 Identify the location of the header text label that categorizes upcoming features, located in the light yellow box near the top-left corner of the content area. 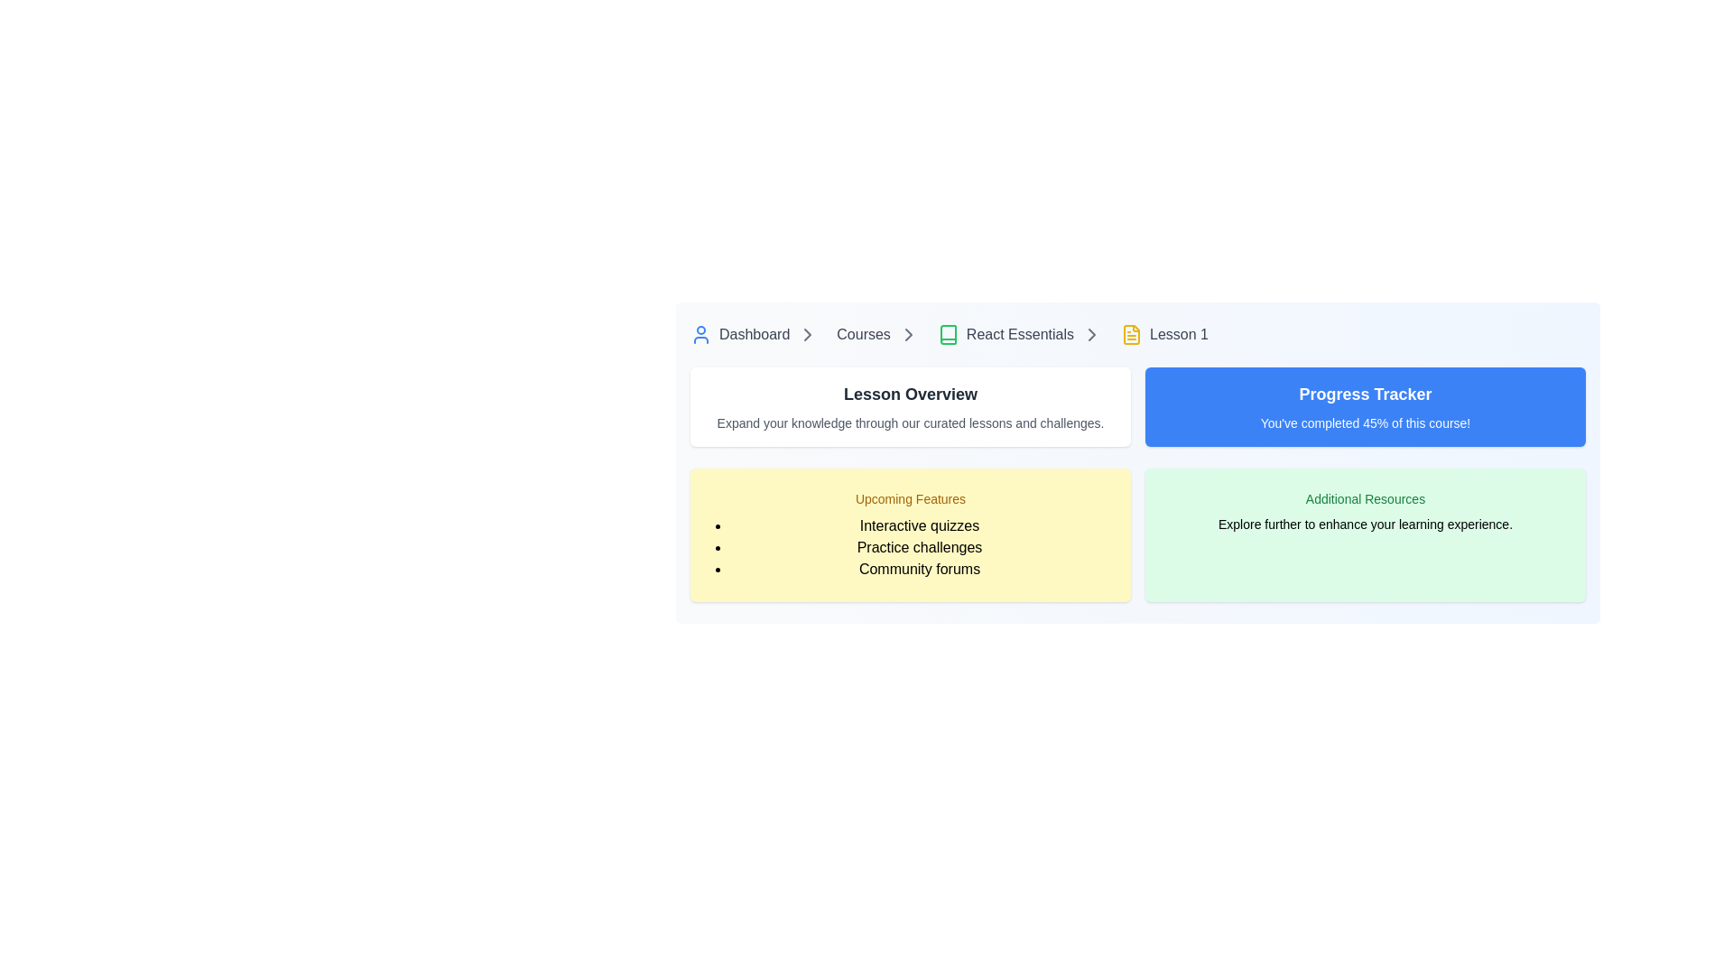
(910, 498).